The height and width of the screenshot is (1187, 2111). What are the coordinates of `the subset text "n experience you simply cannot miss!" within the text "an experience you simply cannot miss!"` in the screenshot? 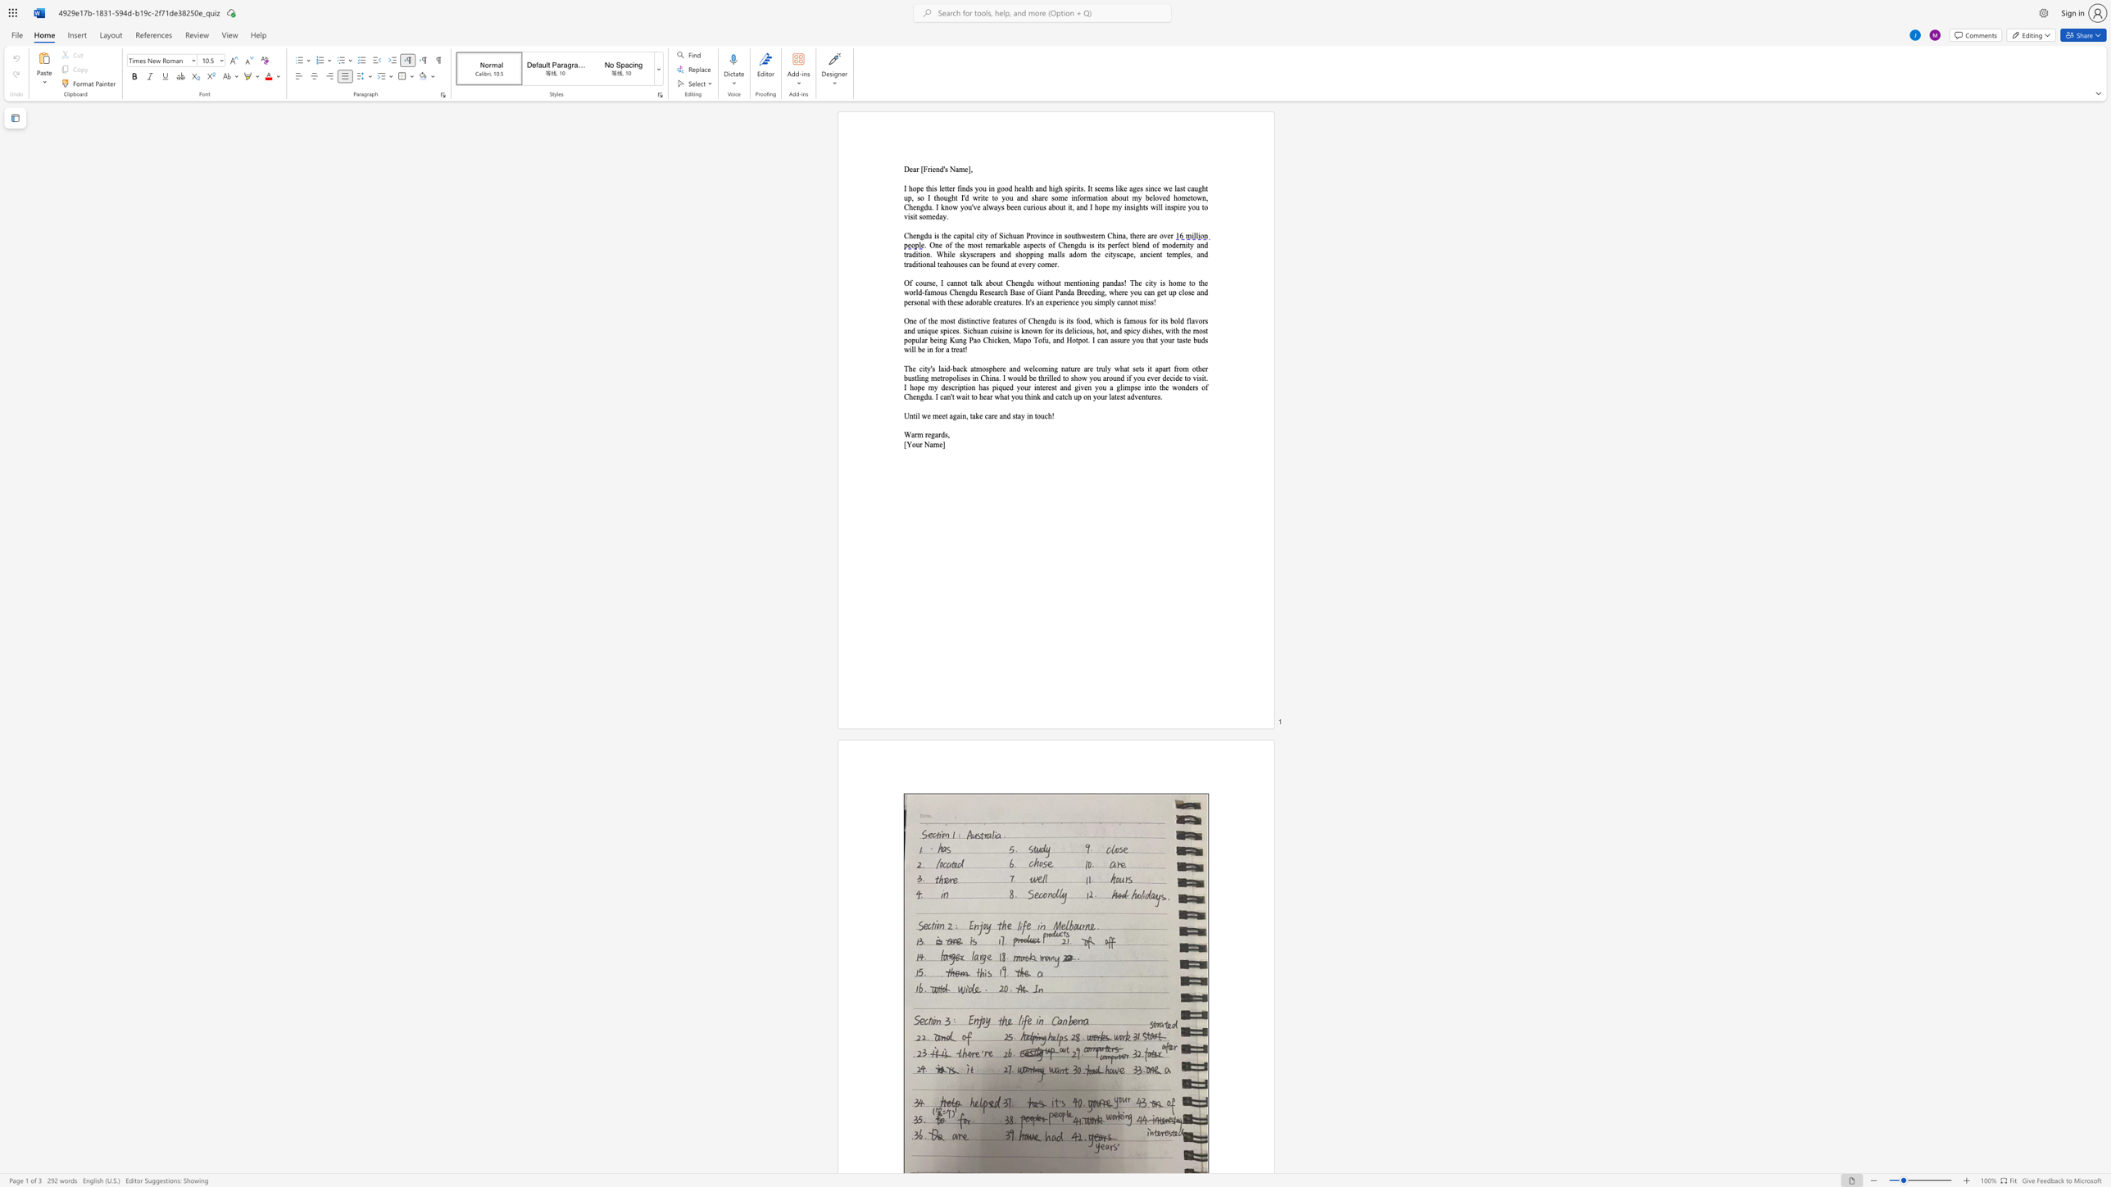 It's located at (1039, 301).